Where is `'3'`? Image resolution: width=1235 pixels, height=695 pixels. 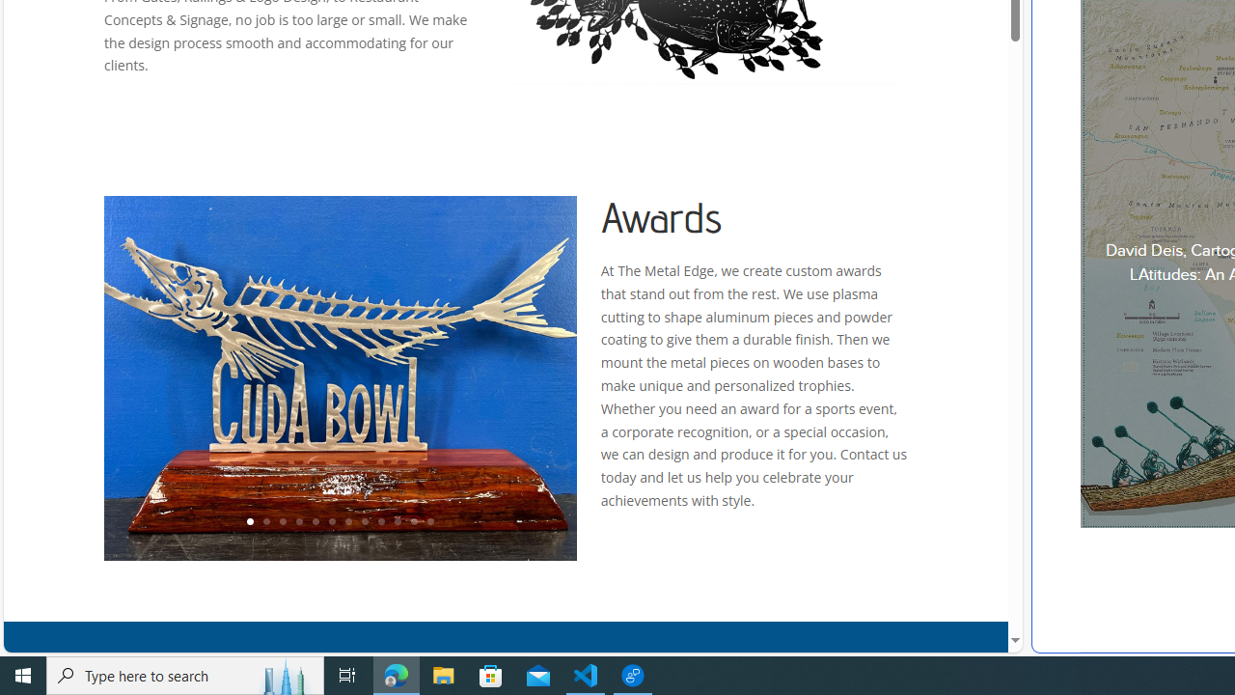
'3' is located at coordinates (282, 522).